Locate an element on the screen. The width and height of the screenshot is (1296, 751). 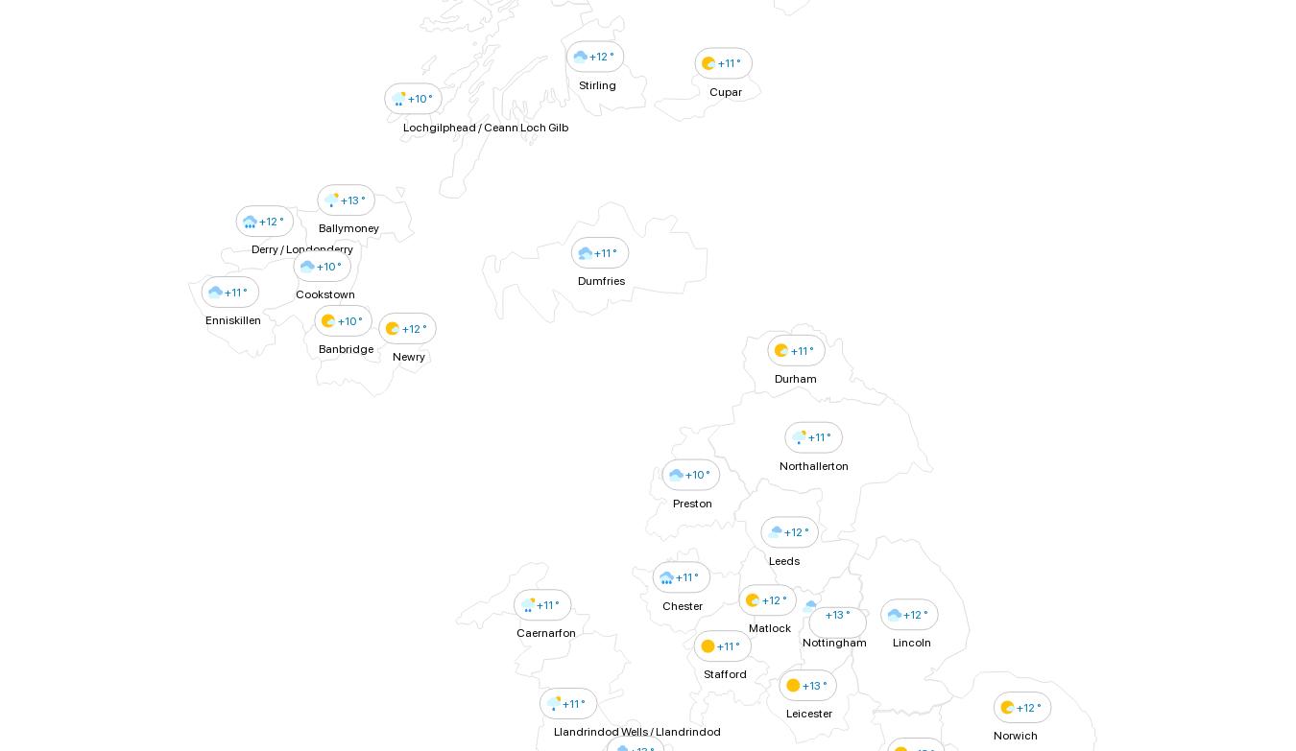
'Lincoln' is located at coordinates (910, 642).